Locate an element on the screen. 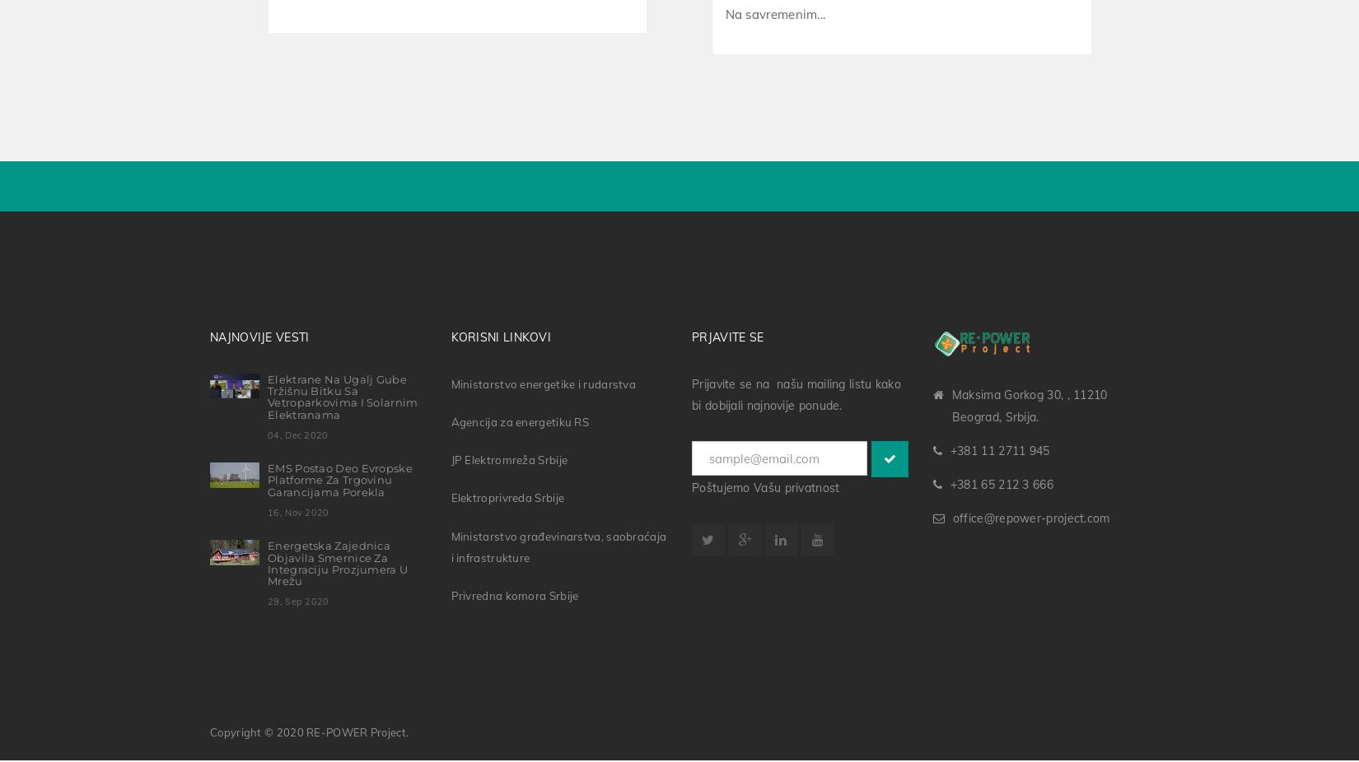 The height and width of the screenshot is (762, 1359). 'EMS postao deo evropske platforme za trgovinu garancijama porekla' is located at coordinates (339, 476).